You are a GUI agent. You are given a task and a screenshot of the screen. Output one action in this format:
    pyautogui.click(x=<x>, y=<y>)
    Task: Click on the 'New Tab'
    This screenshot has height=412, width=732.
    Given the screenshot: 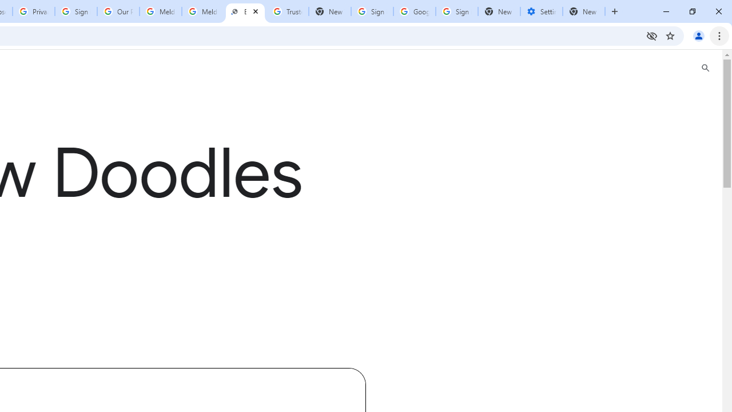 What is the action you would take?
    pyautogui.click(x=499, y=11)
    